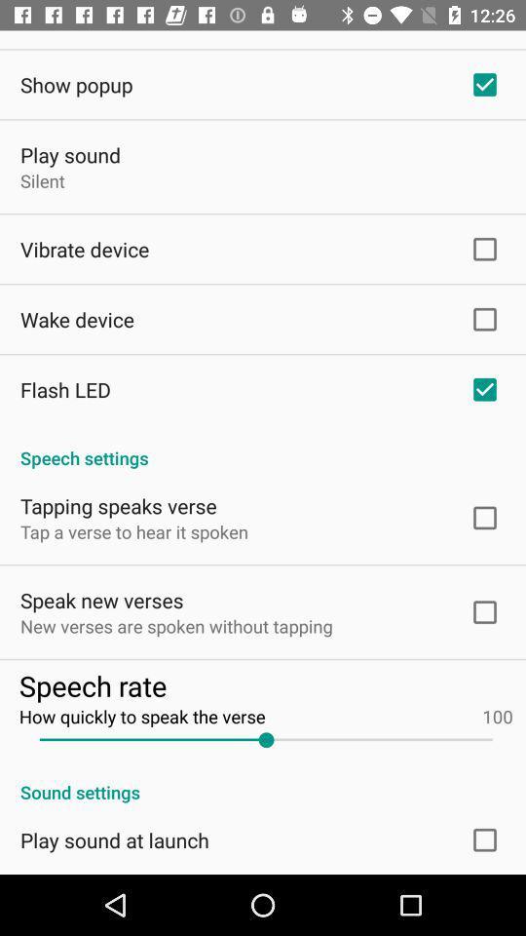  Describe the element at coordinates (265, 685) in the screenshot. I see `item below new verses are app` at that location.